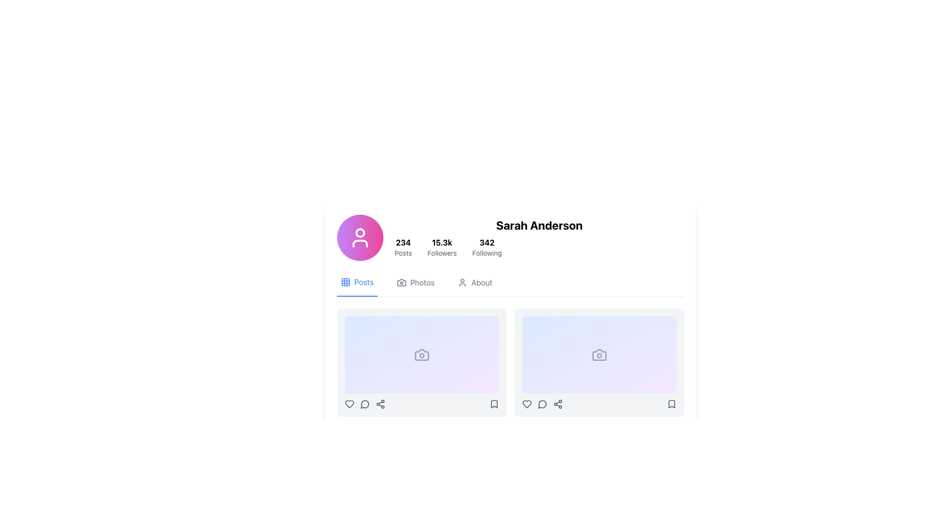 This screenshot has width=926, height=521. Describe the element at coordinates (359, 238) in the screenshot. I see `the user avatar icon located in the upper left section of the interface` at that location.